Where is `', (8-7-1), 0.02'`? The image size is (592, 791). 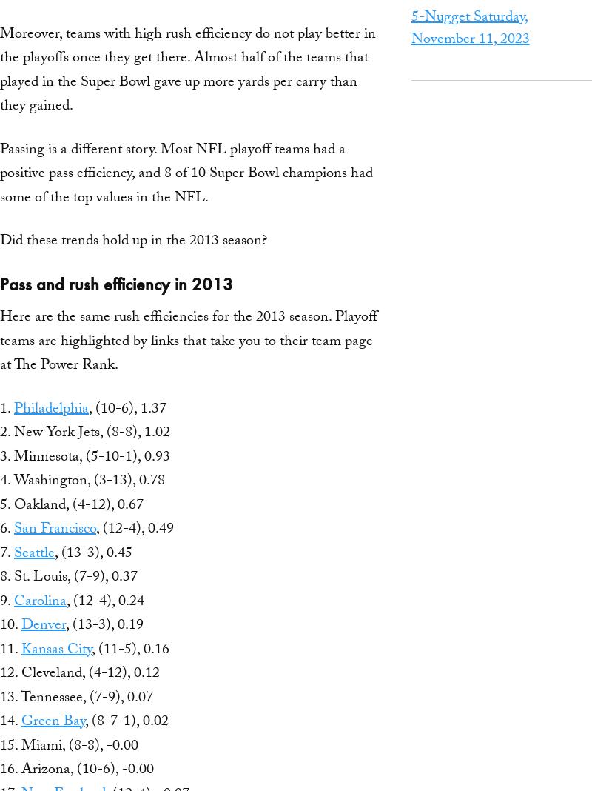 ', (8-7-1), 0.02' is located at coordinates (126, 723).